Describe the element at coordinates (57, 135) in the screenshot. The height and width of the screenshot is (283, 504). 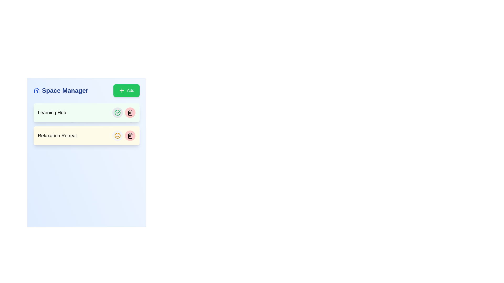
I see `the text label displaying 'Relaxation Retreat', which is located within a rounded rectangle box in a vertically arranged list of items` at that location.